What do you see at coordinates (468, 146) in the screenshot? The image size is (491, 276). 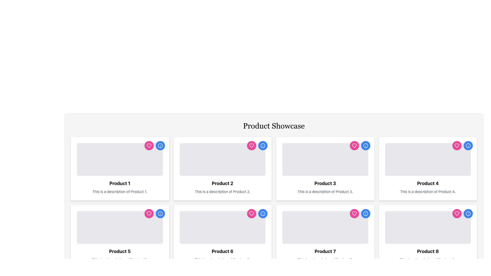 I see `the circular icon button with a blue border and 'i' symbol located in the top-right corner of the card labeled 'Product 4'` at bounding box center [468, 146].